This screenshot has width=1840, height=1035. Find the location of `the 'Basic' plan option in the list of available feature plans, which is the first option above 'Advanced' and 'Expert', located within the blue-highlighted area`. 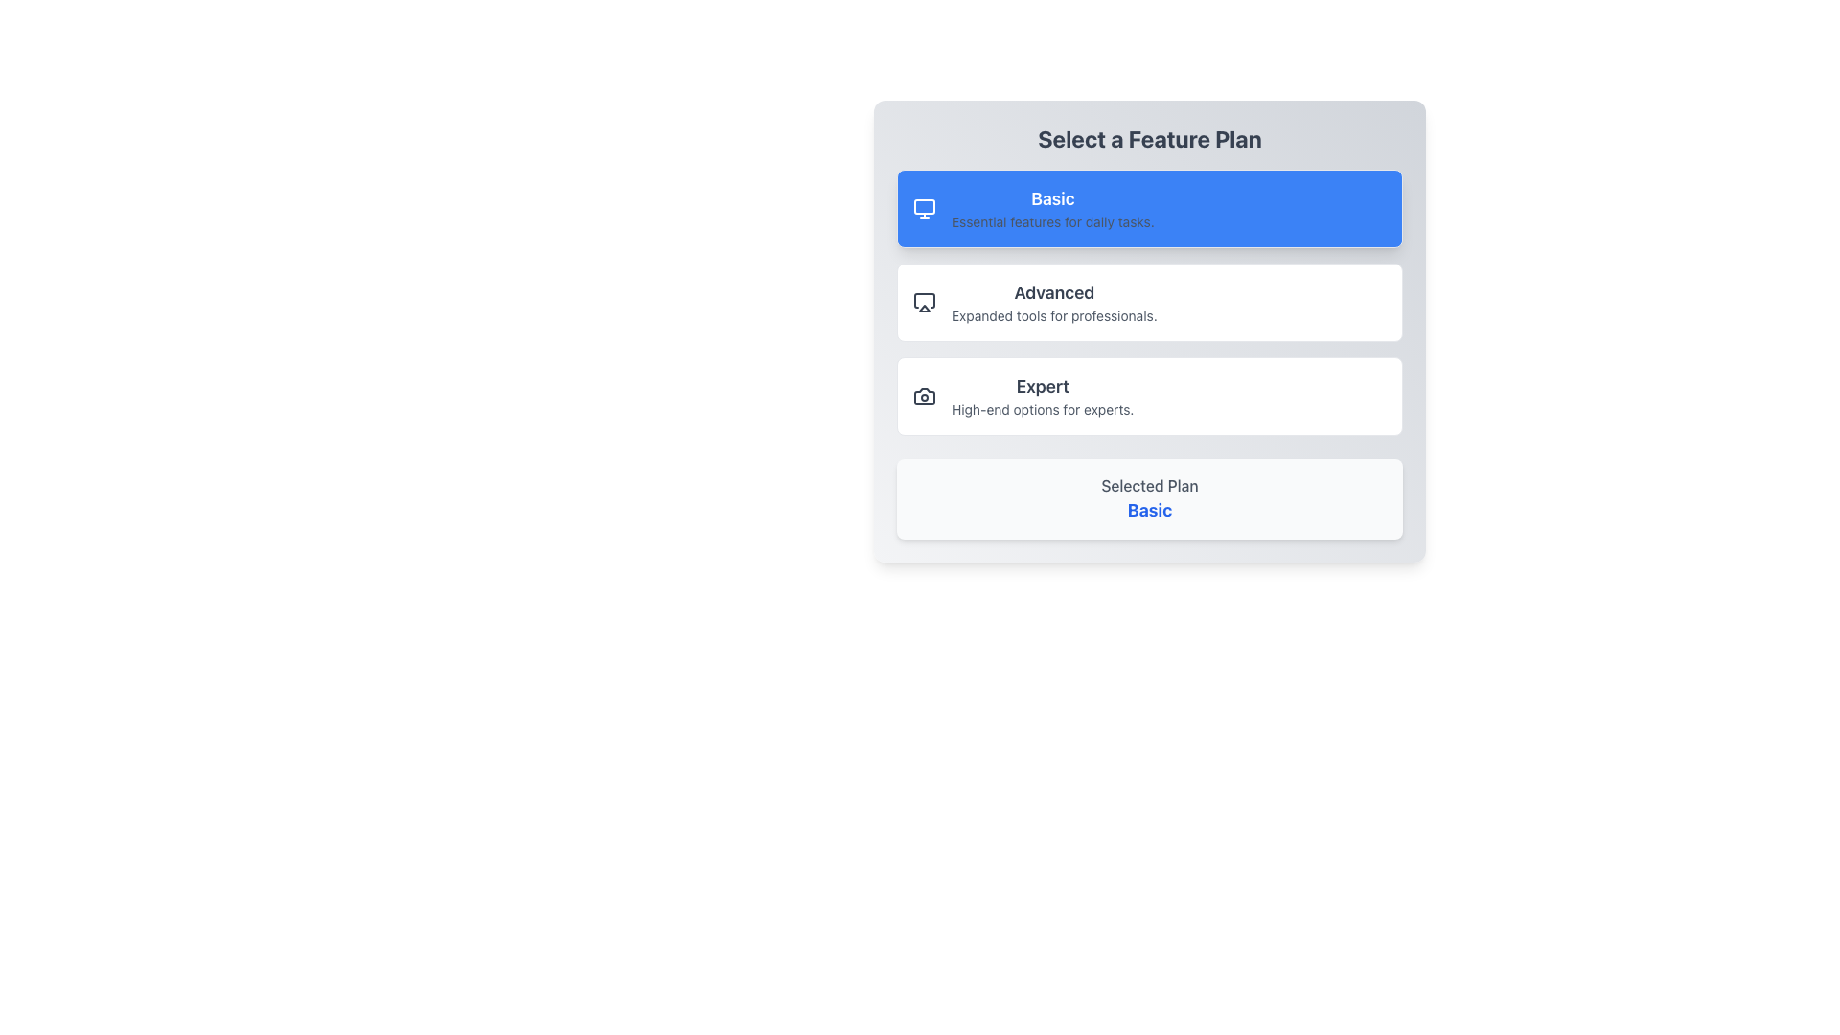

the 'Basic' plan option in the list of available feature plans, which is the first option above 'Advanced' and 'Expert', located within the blue-highlighted area is located at coordinates (1051, 209).